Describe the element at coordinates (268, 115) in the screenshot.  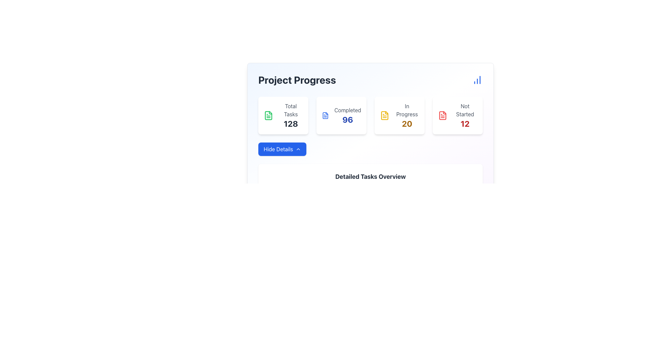
I see `the decorative icon located at the top-left corner of the 'Total Tasks' card in the grid of cards` at that location.